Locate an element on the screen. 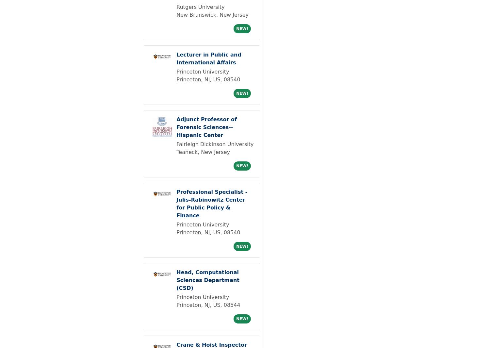  'Head, Computational Sciences Department (CSD)' is located at coordinates (176, 280).